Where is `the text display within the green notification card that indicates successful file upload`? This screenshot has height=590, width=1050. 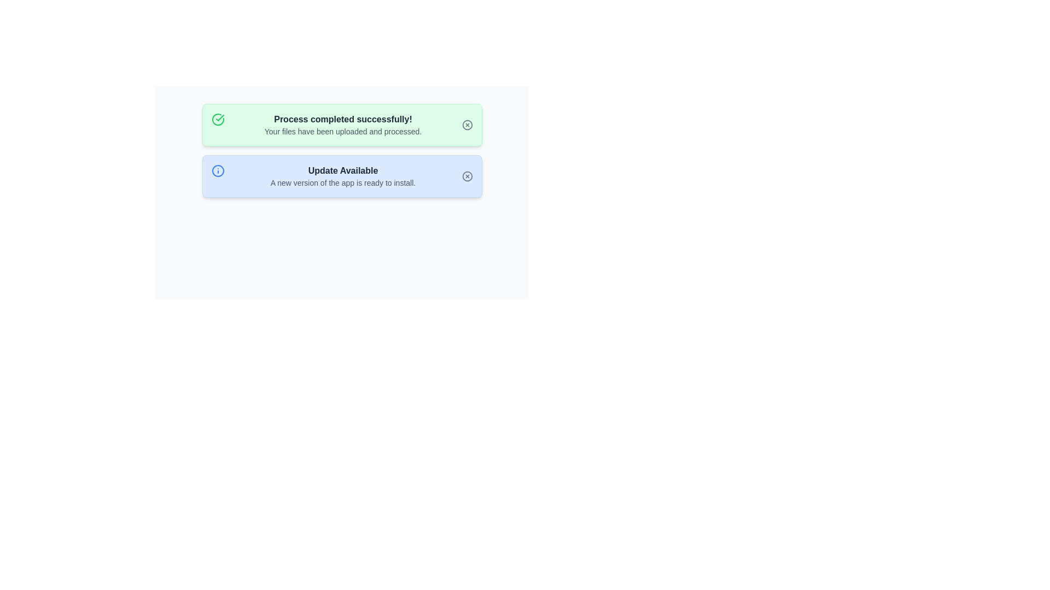
the text display within the green notification card that indicates successful file upload is located at coordinates (342, 131).